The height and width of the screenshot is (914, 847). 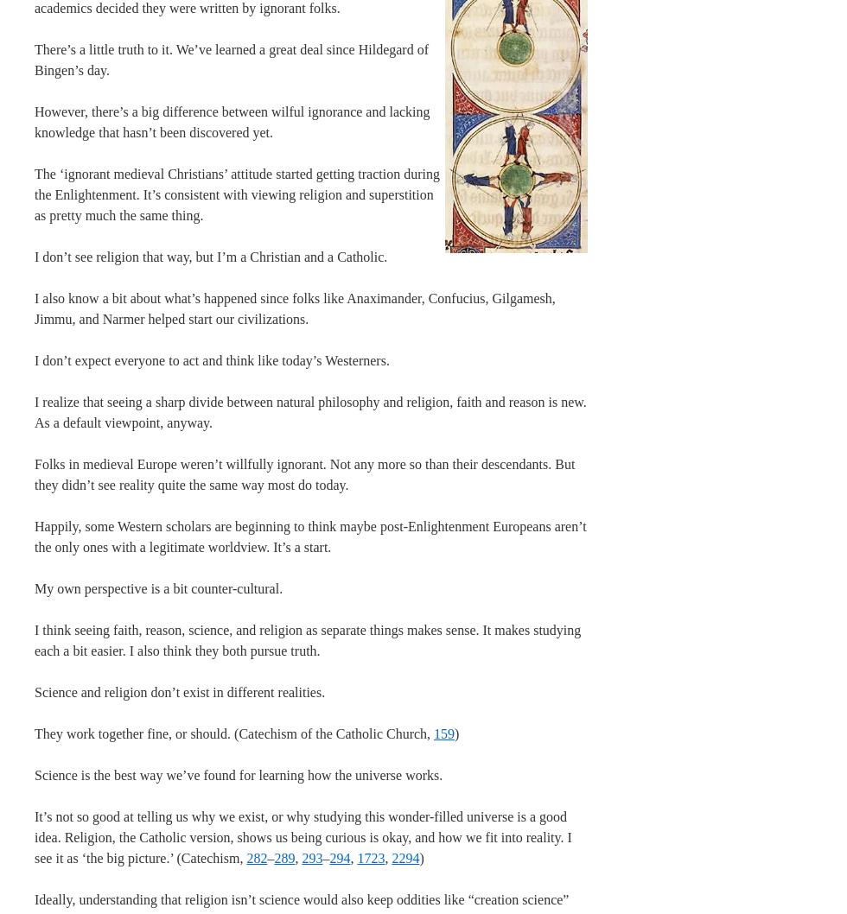 I want to click on 'It’s not so good at telling us why we exist, or why studying this wonder-filled universe is a good idea. Religion, the Catholic version, shows us being curious is okay, and how we fit into reality. I see it as ‘the big picture.’ (Catechism,', so click(x=302, y=837).